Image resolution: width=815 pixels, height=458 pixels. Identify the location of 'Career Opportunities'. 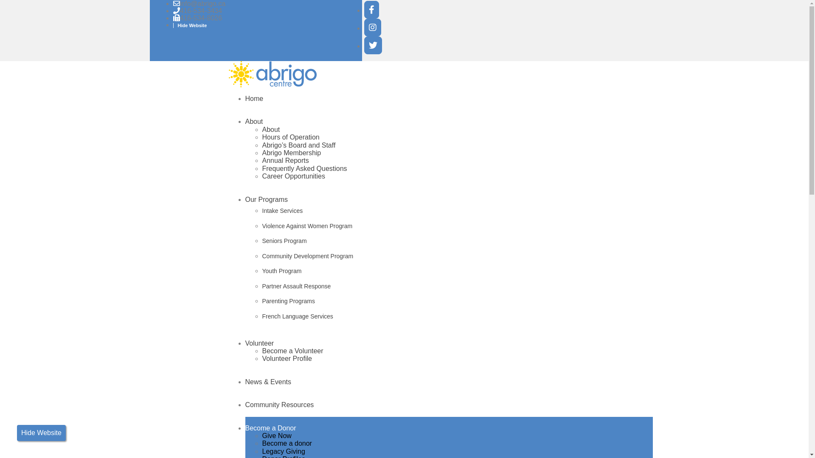
(294, 176).